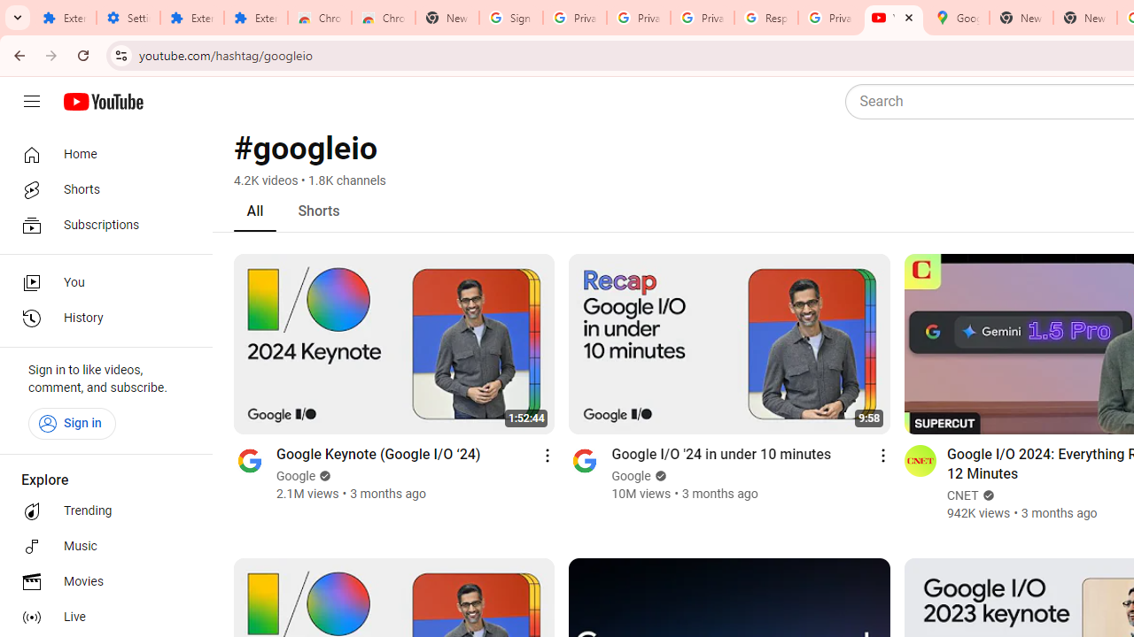  Describe the element at coordinates (31, 102) in the screenshot. I see `'Guide'` at that location.